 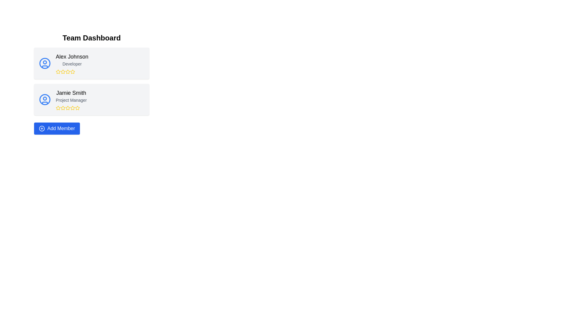 What do you see at coordinates (68, 71) in the screenshot?
I see `the second star icon in the rating system located beneath 'Alex Johnson' and 'Developer' in the first card of the user profiles list` at bounding box center [68, 71].